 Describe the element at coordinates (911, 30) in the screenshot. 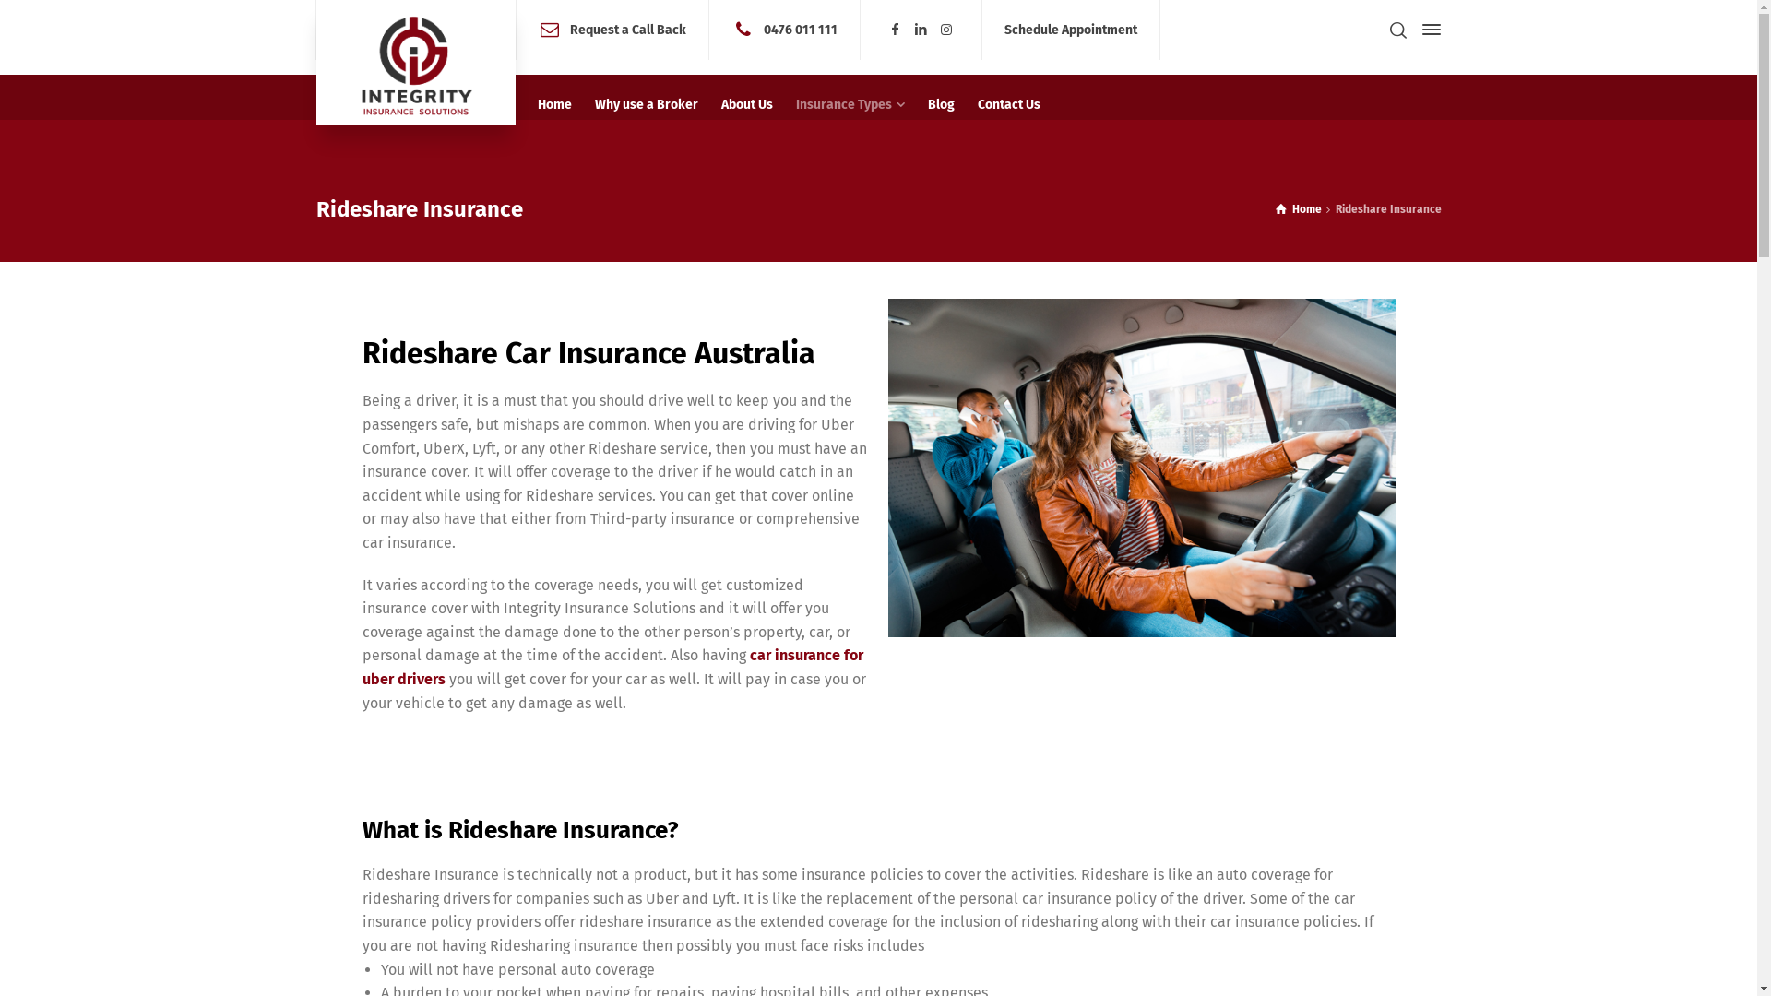

I see `'Linkedin'` at that location.